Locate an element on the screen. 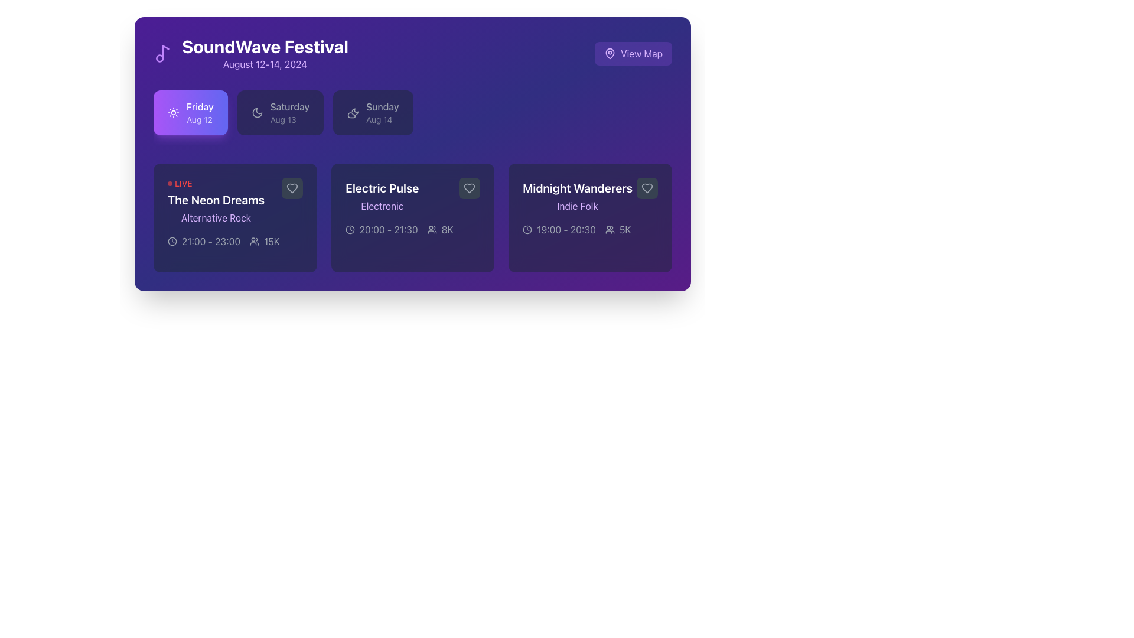  the heart-shaped icon in the bottom-right corner of the 'Midnight Wanderers' section is located at coordinates (646, 188).